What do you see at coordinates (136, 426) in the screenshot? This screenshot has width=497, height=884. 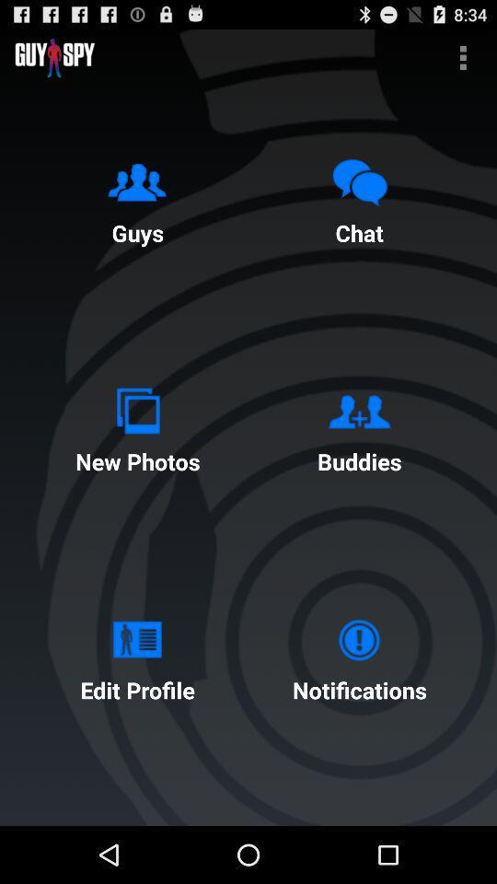 I see `the new photos` at bounding box center [136, 426].